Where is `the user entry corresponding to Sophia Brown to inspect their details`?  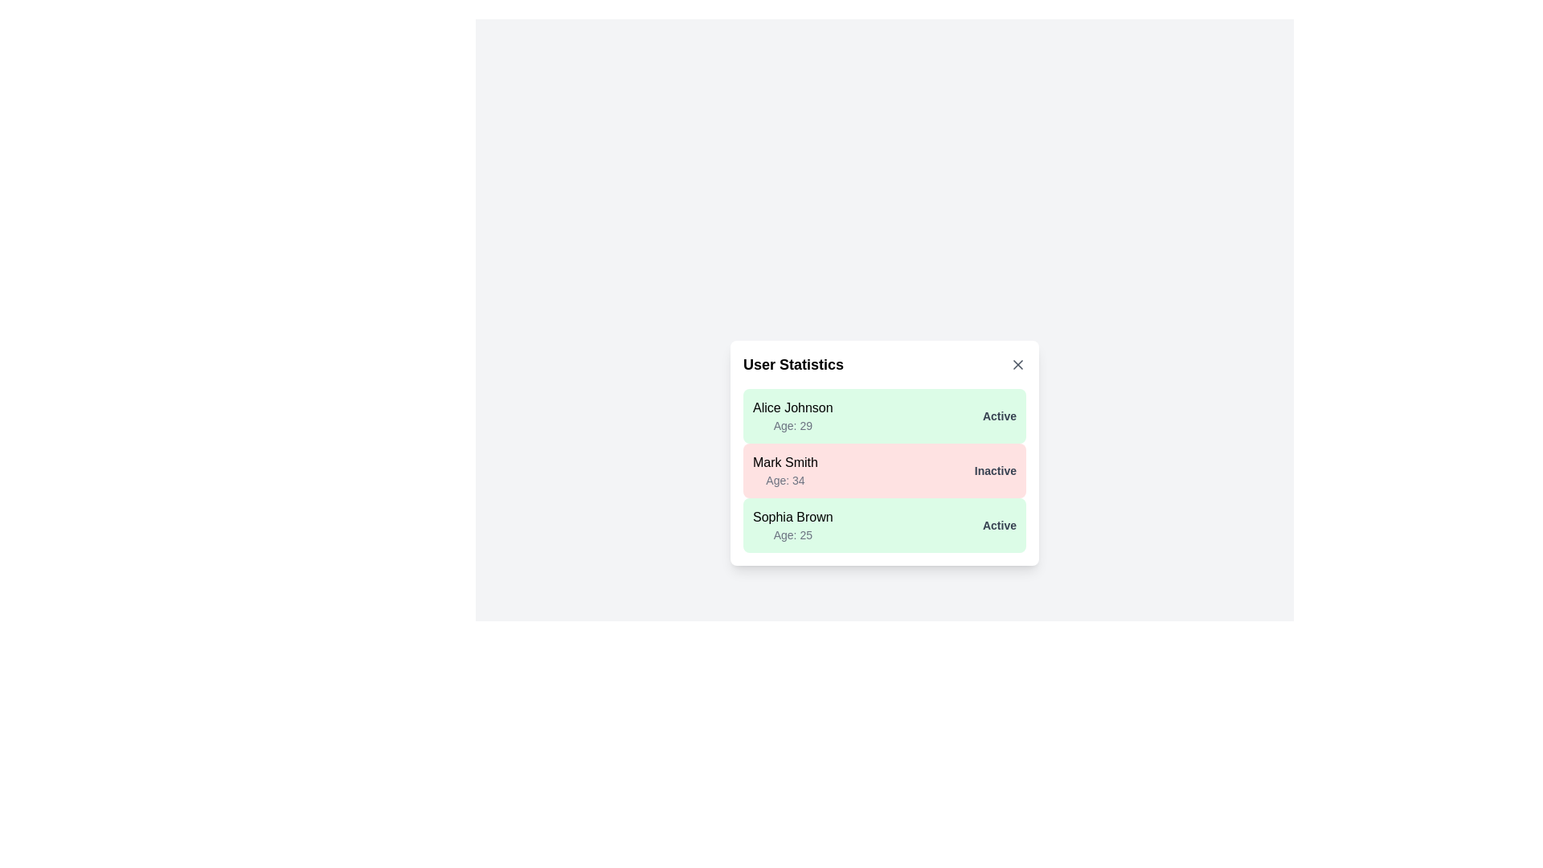
the user entry corresponding to Sophia Brown to inspect their details is located at coordinates (883, 526).